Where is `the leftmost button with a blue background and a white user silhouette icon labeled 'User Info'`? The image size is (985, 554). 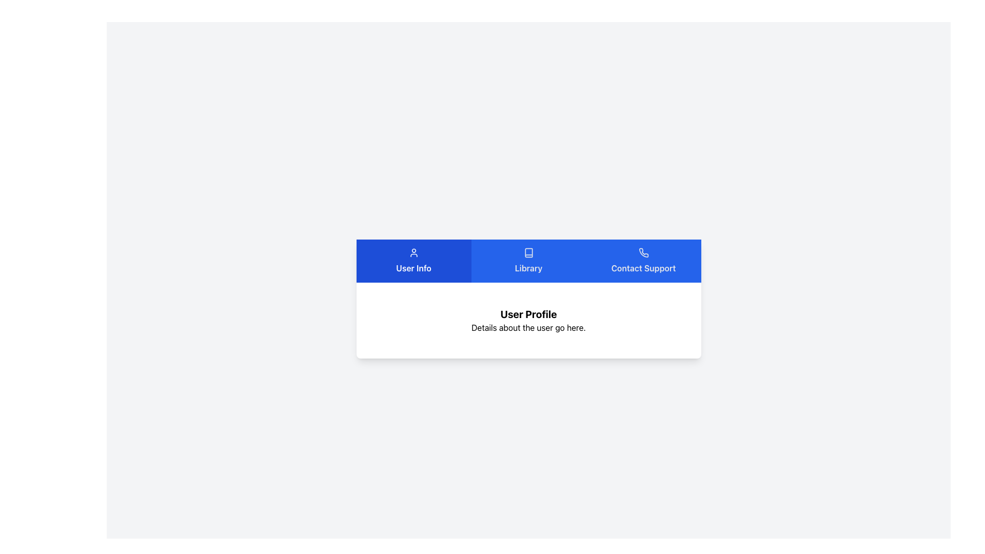
the leftmost button with a blue background and a white user silhouette icon labeled 'User Info' is located at coordinates (413, 261).